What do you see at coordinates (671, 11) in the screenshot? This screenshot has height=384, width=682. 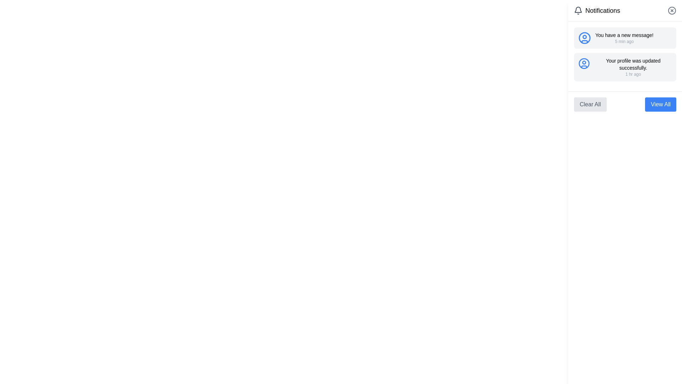 I see `the 'Close' button located on the top-right side of the notifications panel header` at bounding box center [671, 11].